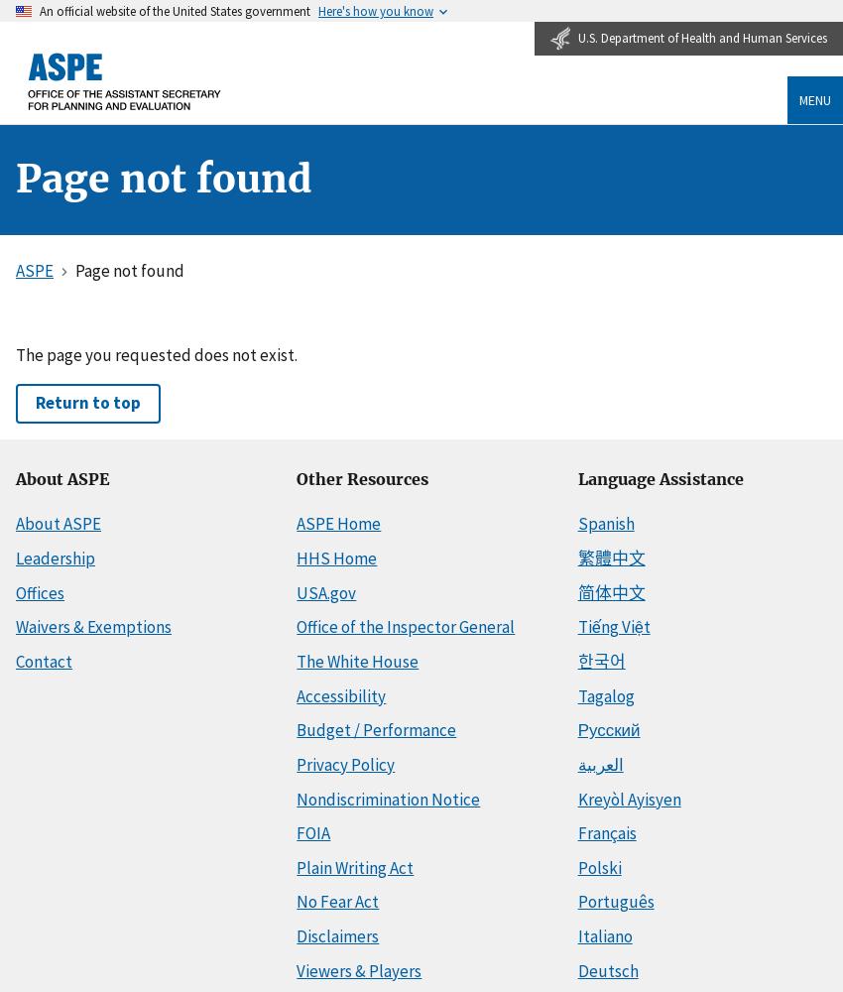 This screenshot has height=992, width=843. What do you see at coordinates (337, 902) in the screenshot?
I see `'No Fear Act'` at bounding box center [337, 902].